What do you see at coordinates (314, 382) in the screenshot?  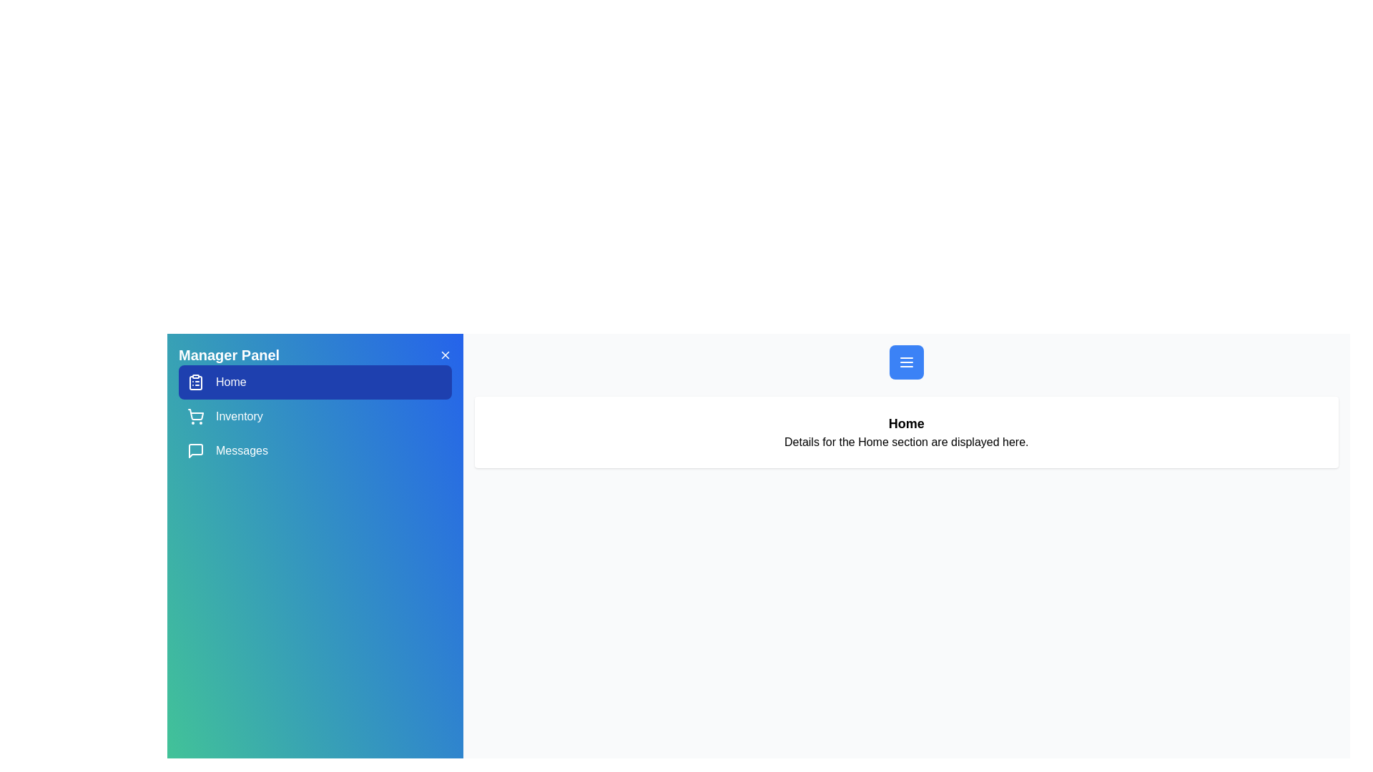 I see `the menu item corresponding to Home` at bounding box center [314, 382].